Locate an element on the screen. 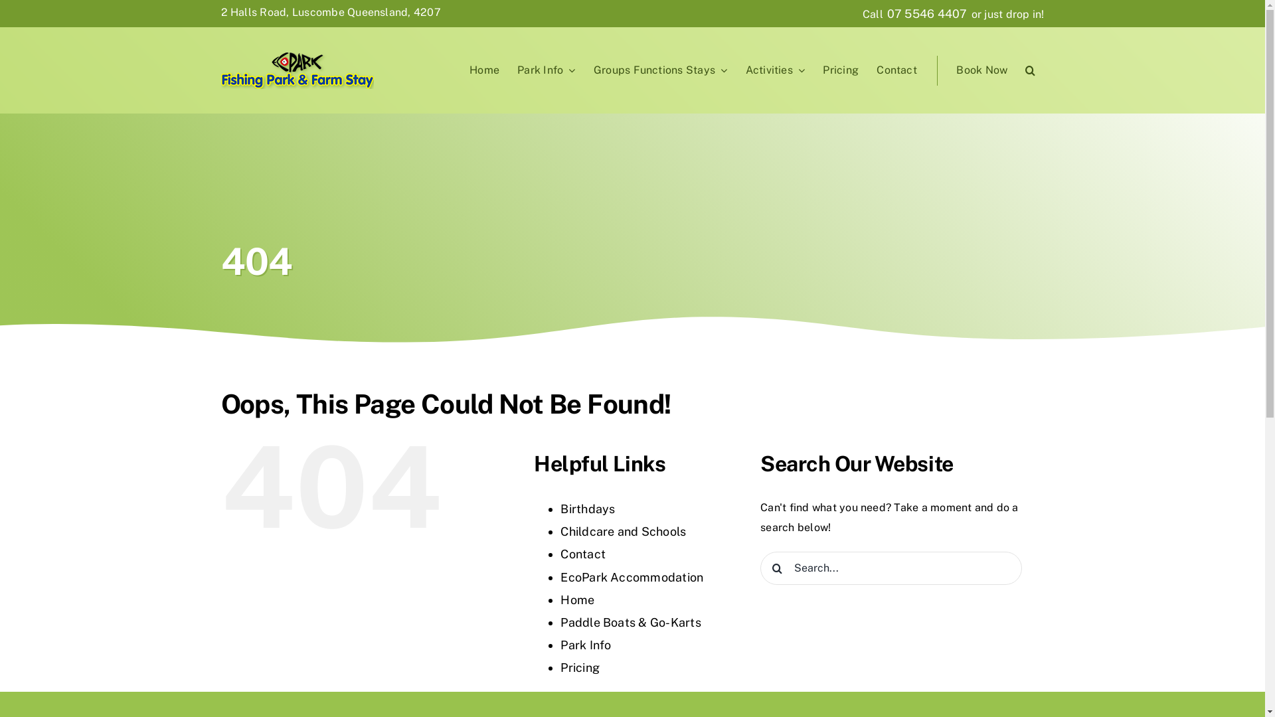  '2 Halls Road, Luscombe Queensland, 4207' is located at coordinates (220, 12).